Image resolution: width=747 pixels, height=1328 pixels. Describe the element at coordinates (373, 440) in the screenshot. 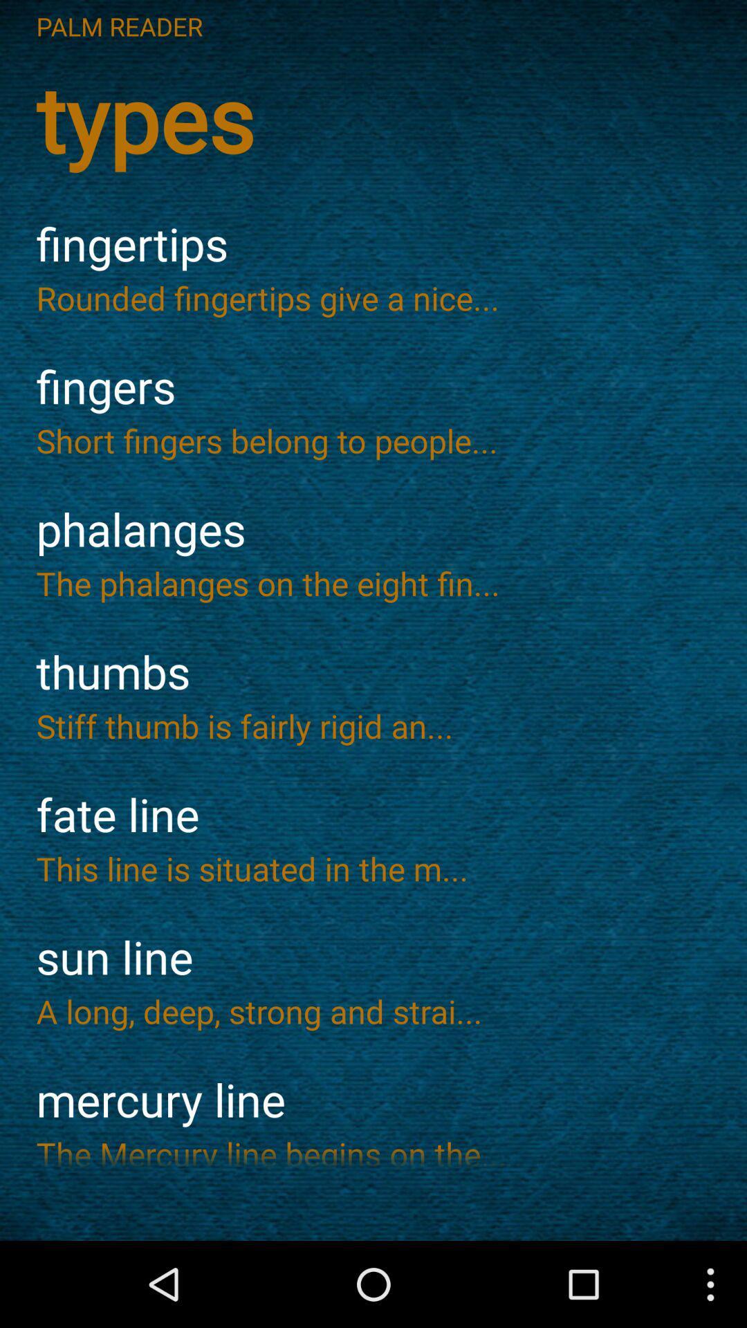

I see `the icon below fingers icon` at that location.